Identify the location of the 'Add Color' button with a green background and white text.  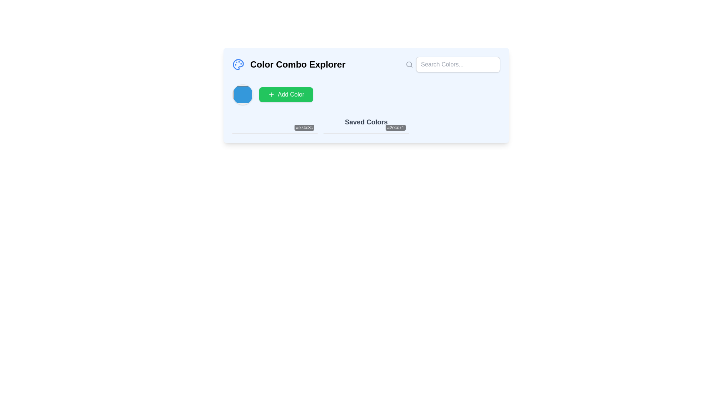
(286, 94).